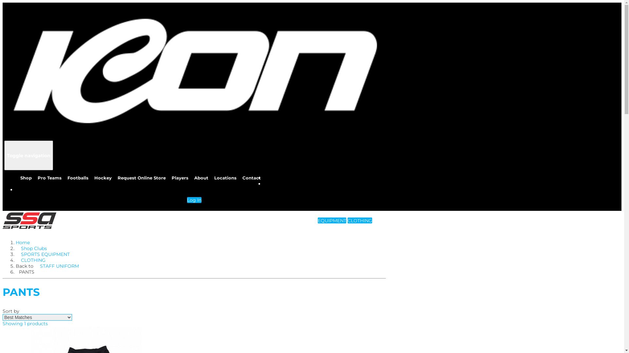  Describe the element at coordinates (28, 155) in the screenshot. I see `'Toggle navigation'` at that location.